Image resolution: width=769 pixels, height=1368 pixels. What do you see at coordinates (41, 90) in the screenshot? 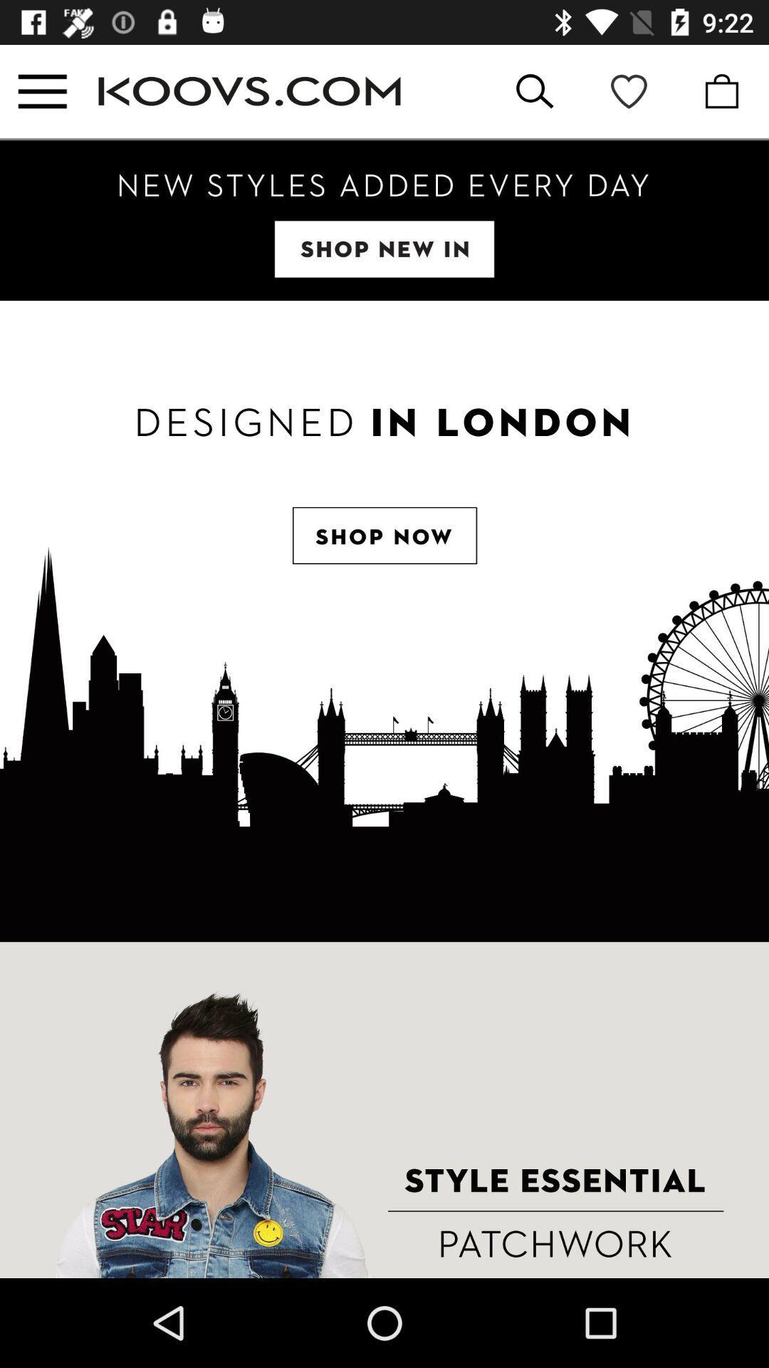
I see `drop down menu` at bounding box center [41, 90].